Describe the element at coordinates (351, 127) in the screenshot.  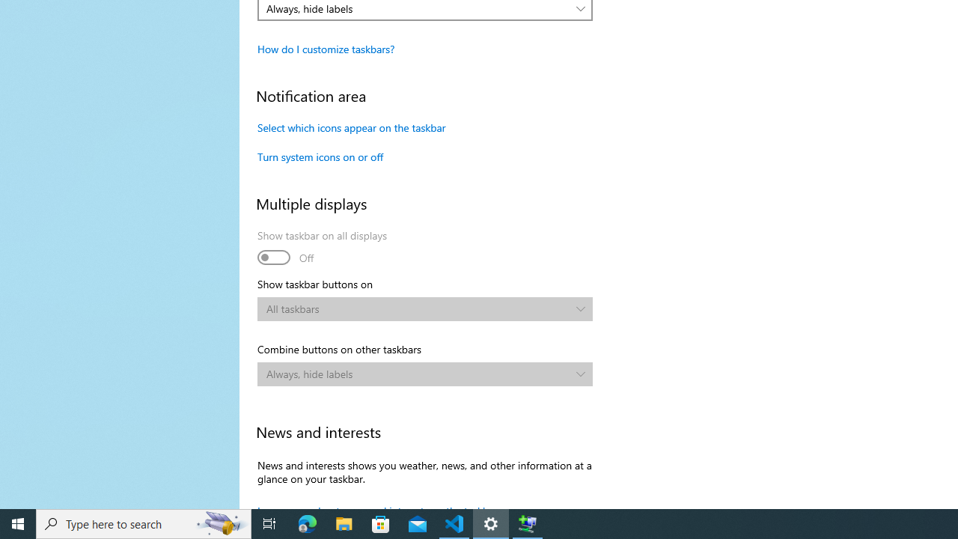
I see `'Select which icons appear on the taskbar'` at that location.